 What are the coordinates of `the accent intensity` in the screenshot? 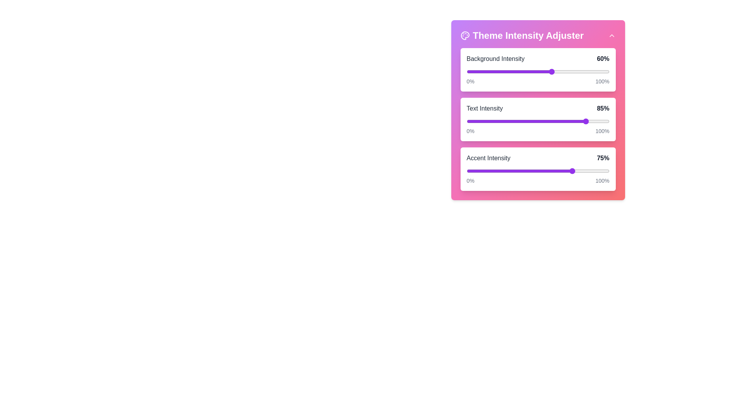 It's located at (512, 170).